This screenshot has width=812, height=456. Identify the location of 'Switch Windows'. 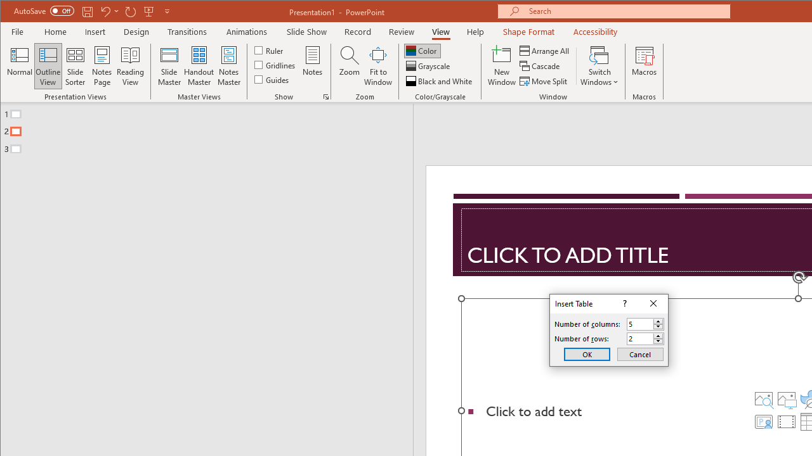
(599, 66).